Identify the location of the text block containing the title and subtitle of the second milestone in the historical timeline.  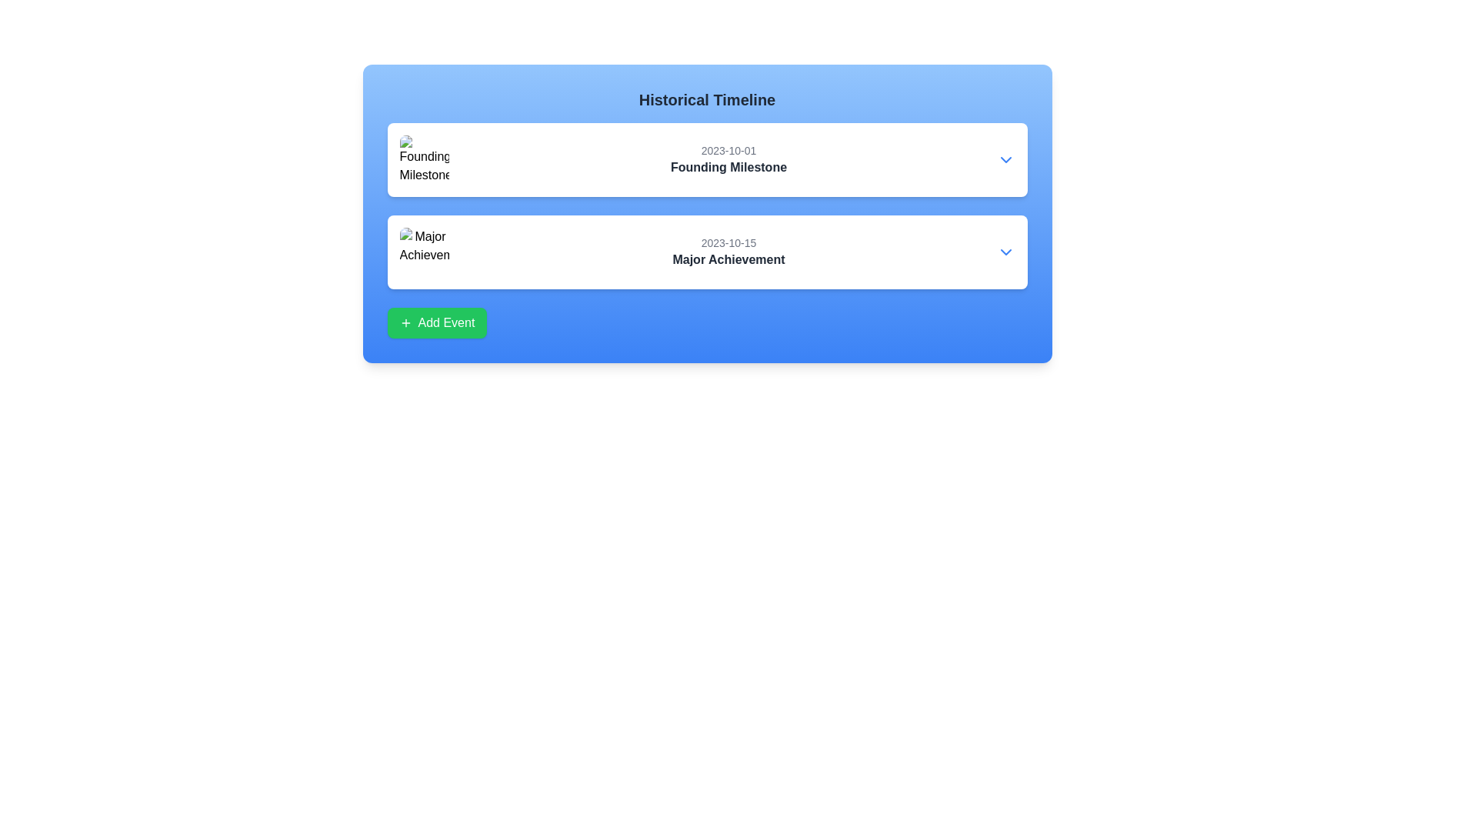
(728, 251).